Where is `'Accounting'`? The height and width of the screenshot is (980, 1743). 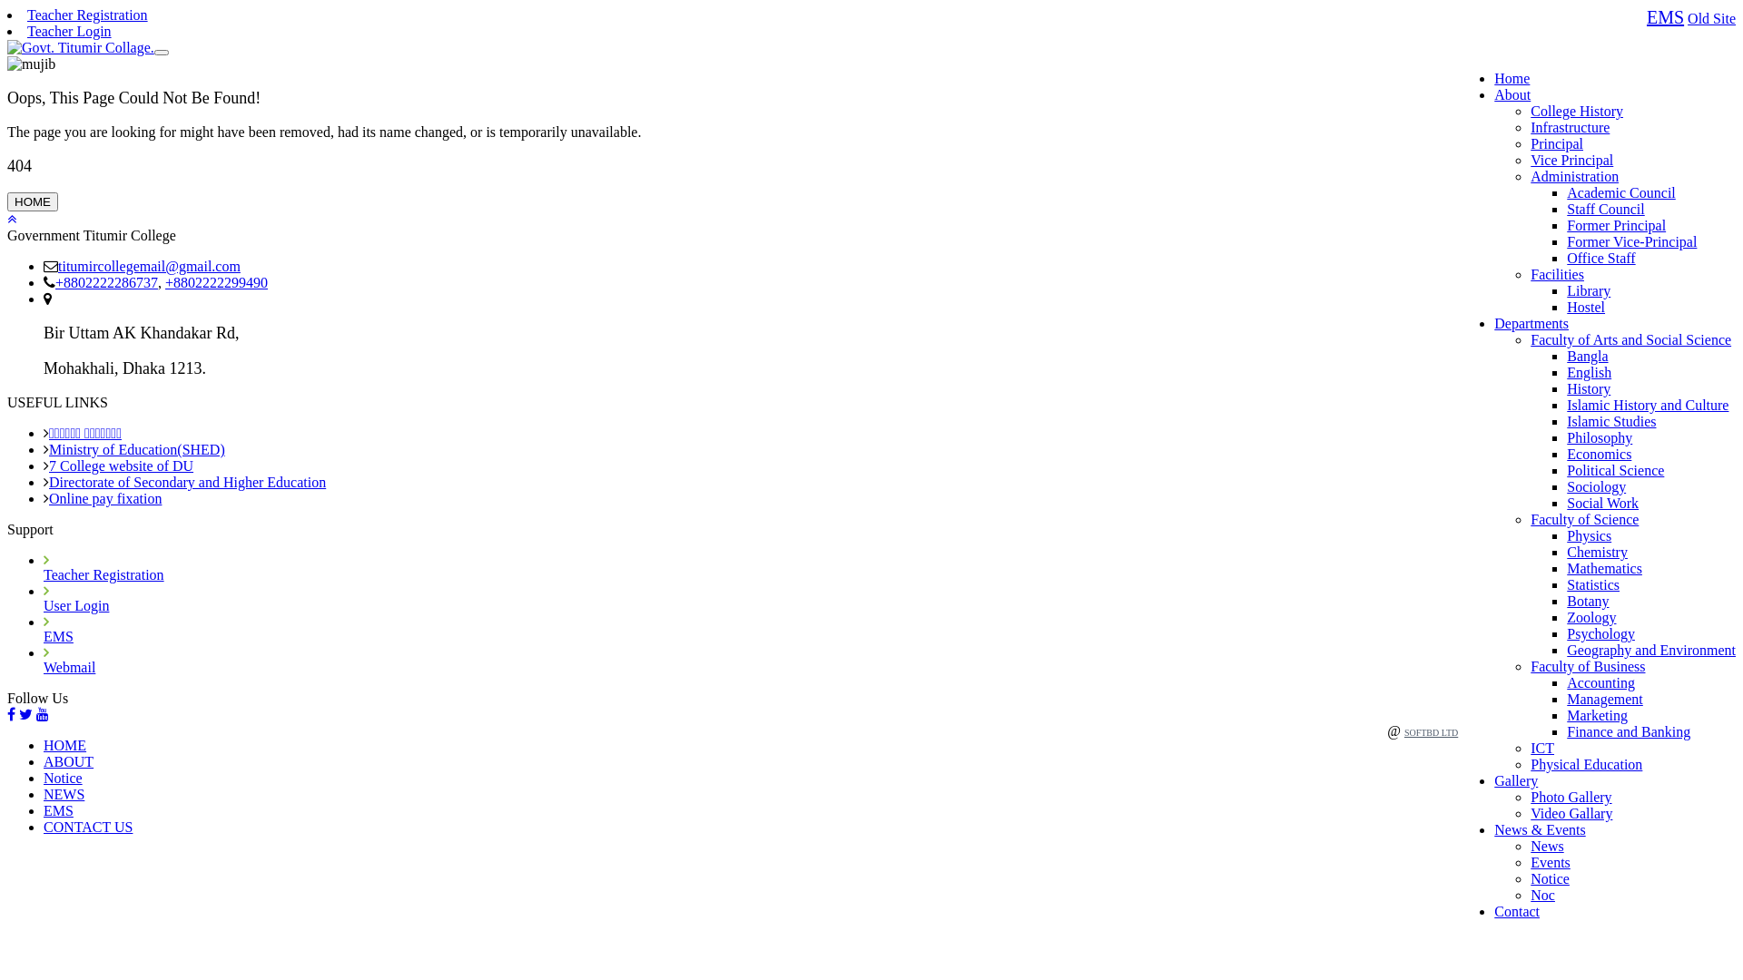
'Accounting' is located at coordinates (1600, 682).